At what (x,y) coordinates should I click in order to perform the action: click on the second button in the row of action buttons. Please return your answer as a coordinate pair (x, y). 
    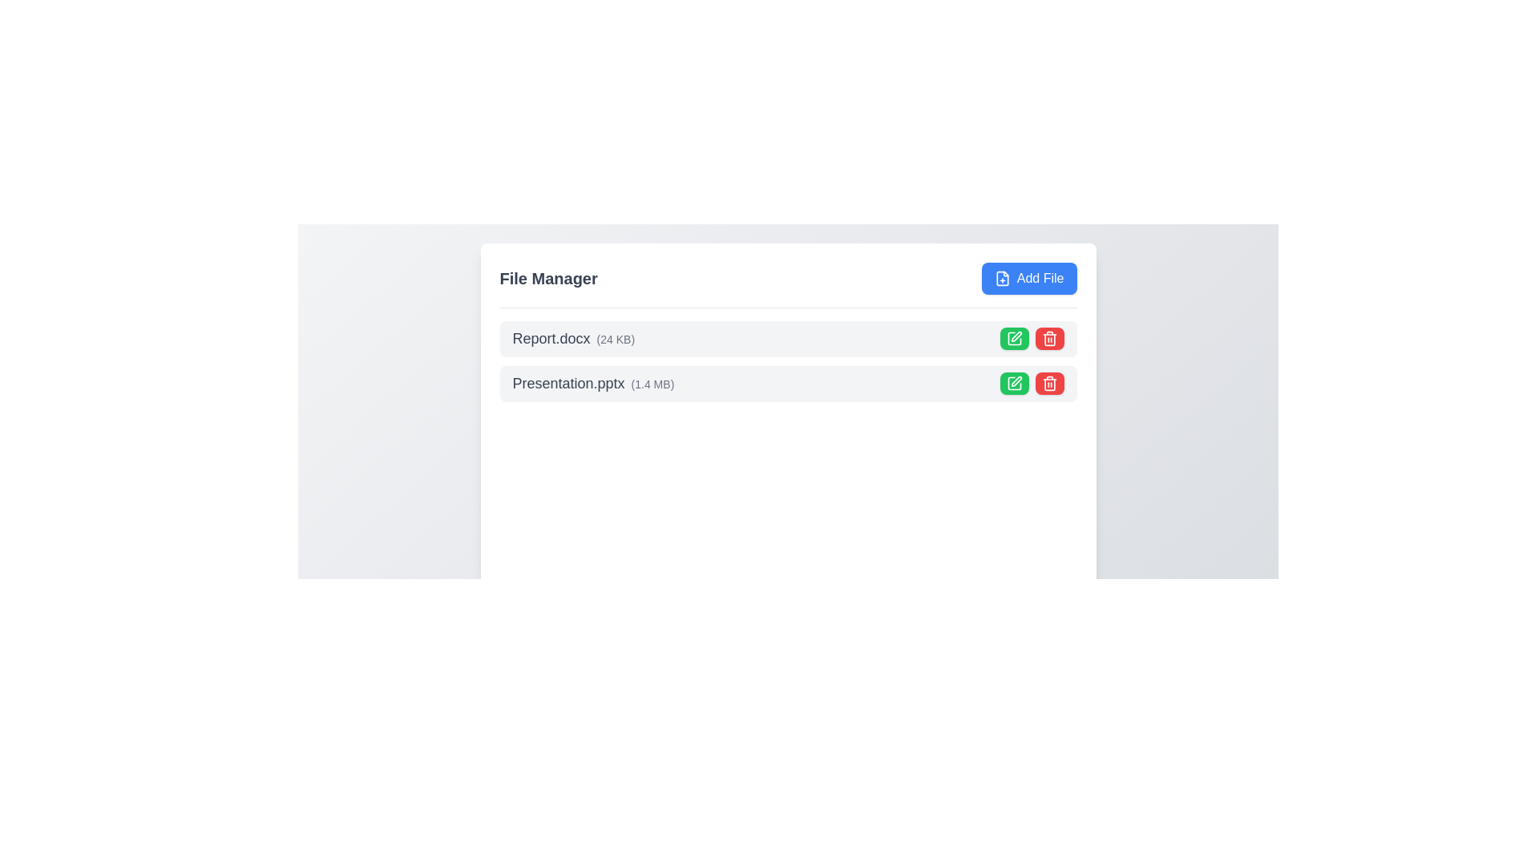
    Looking at the image, I should click on (1049, 338).